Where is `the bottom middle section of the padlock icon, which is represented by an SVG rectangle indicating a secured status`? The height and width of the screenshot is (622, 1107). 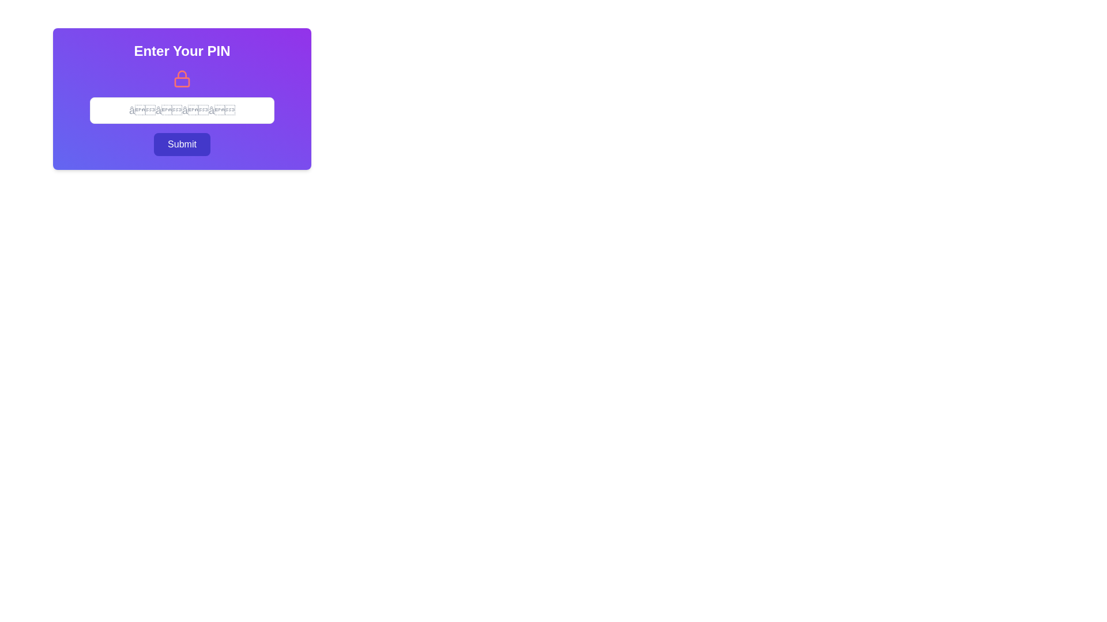
the bottom middle section of the padlock icon, which is represented by an SVG rectangle indicating a secured status is located at coordinates (182, 81).